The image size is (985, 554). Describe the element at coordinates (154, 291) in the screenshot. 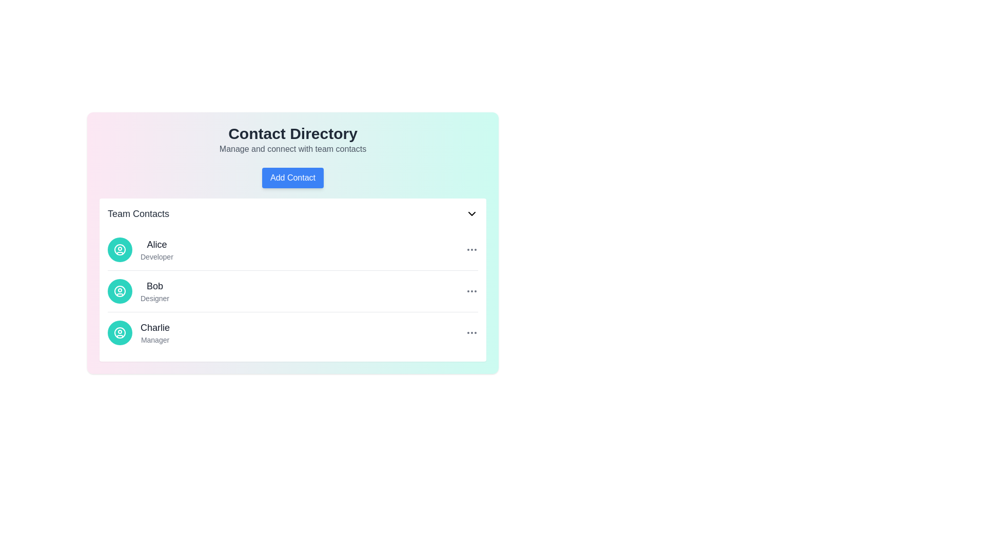

I see `the text element displaying the name and role of the team member, which is the second entry in the contacts directory, located between 'Alice - Developer' and 'Charlie - Manager'` at that location.